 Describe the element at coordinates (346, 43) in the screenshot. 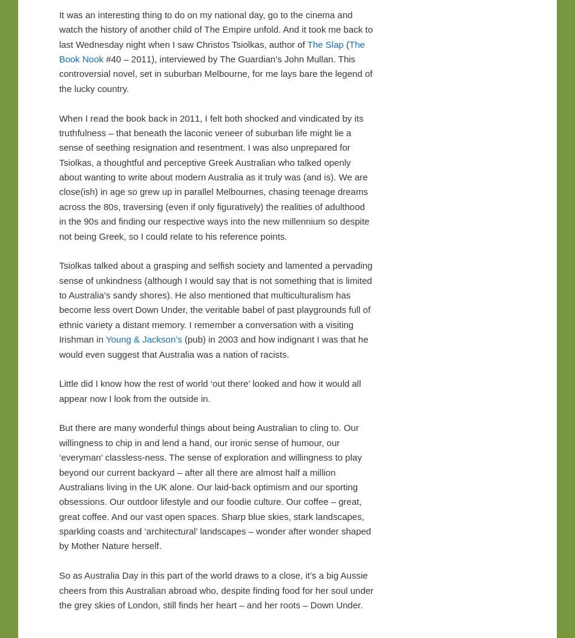

I see `'('` at that location.